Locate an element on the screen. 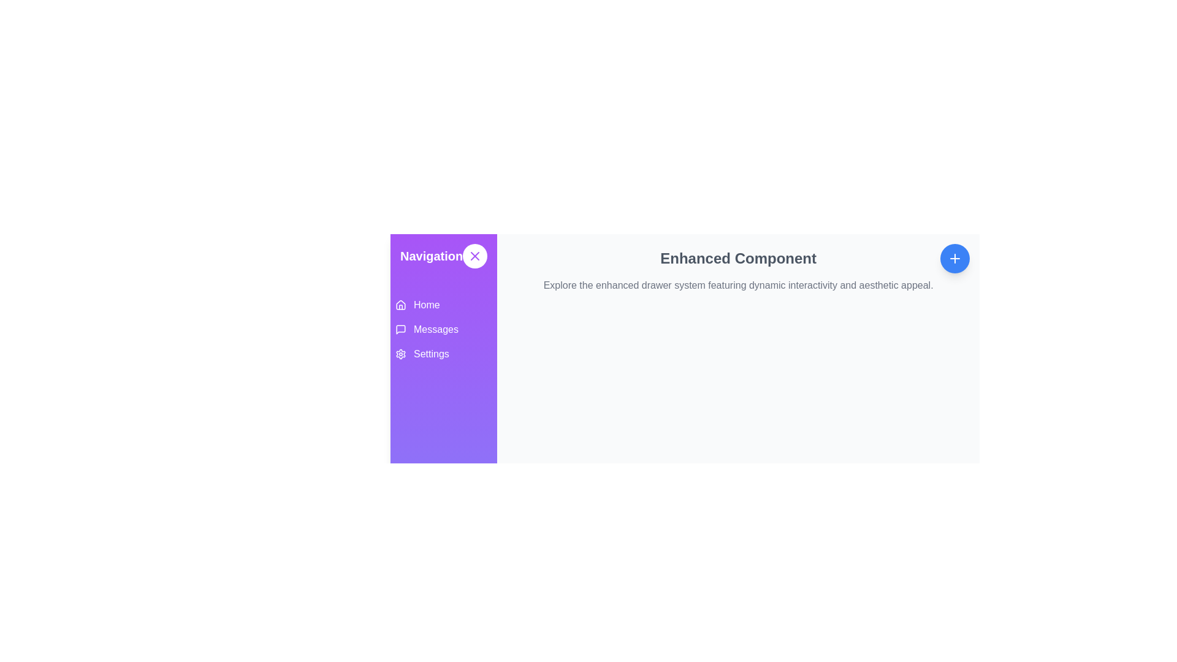 This screenshot has height=662, width=1177. the 'Settings' button in the sidebar, which features a gear icon and is styled with a rounded outline and purple background is located at coordinates (443, 354).